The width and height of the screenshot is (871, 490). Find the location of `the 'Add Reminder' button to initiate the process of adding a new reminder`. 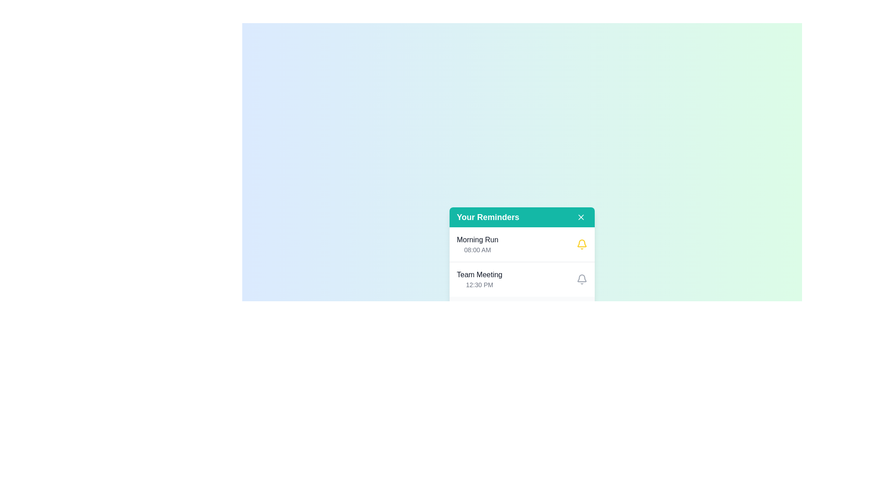

the 'Add Reminder' button to initiate the process of adding a new reminder is located at coordinates (556, 312).